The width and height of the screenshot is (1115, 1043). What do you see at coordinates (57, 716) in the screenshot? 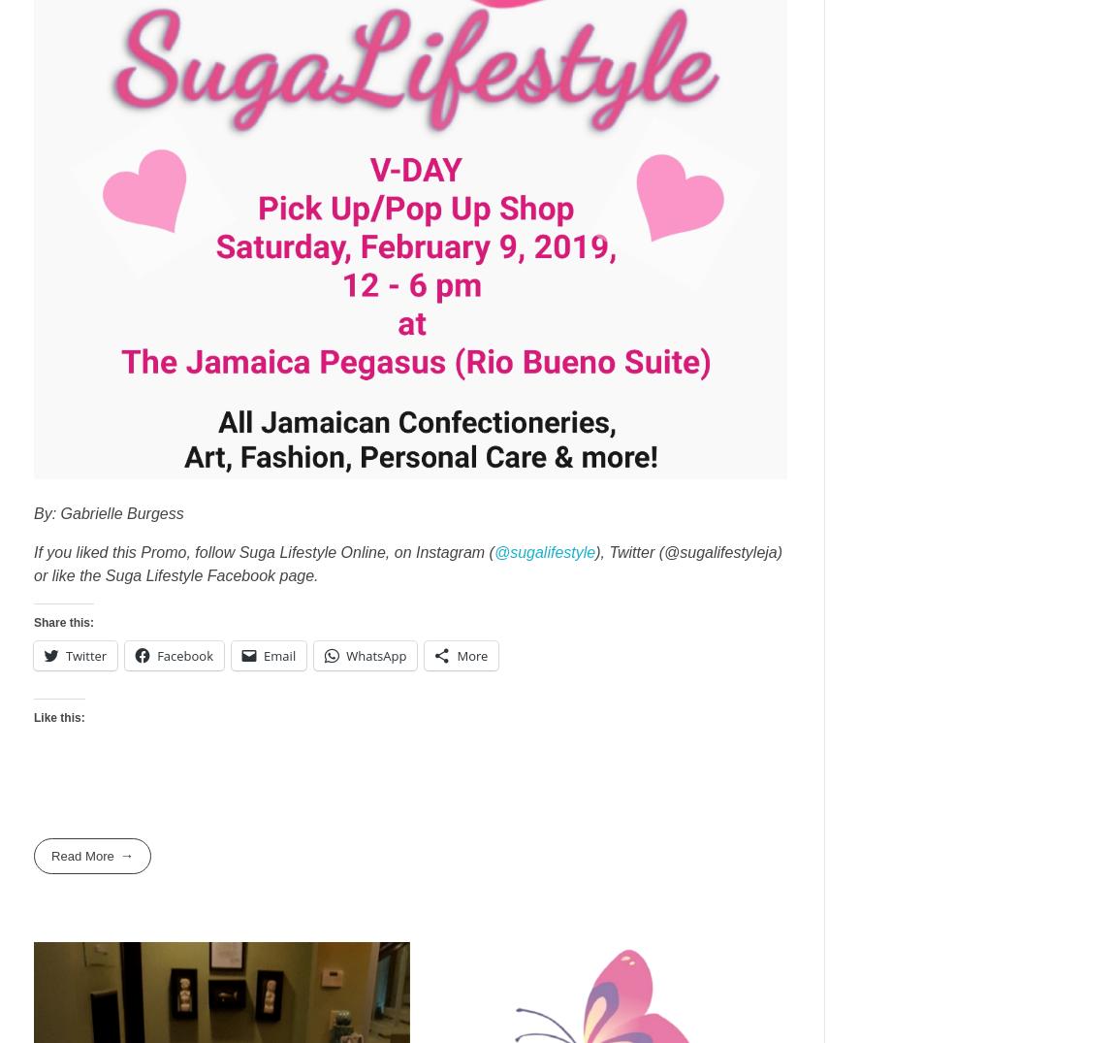
I see `'Like this:'` at bounding box center [57, 716].